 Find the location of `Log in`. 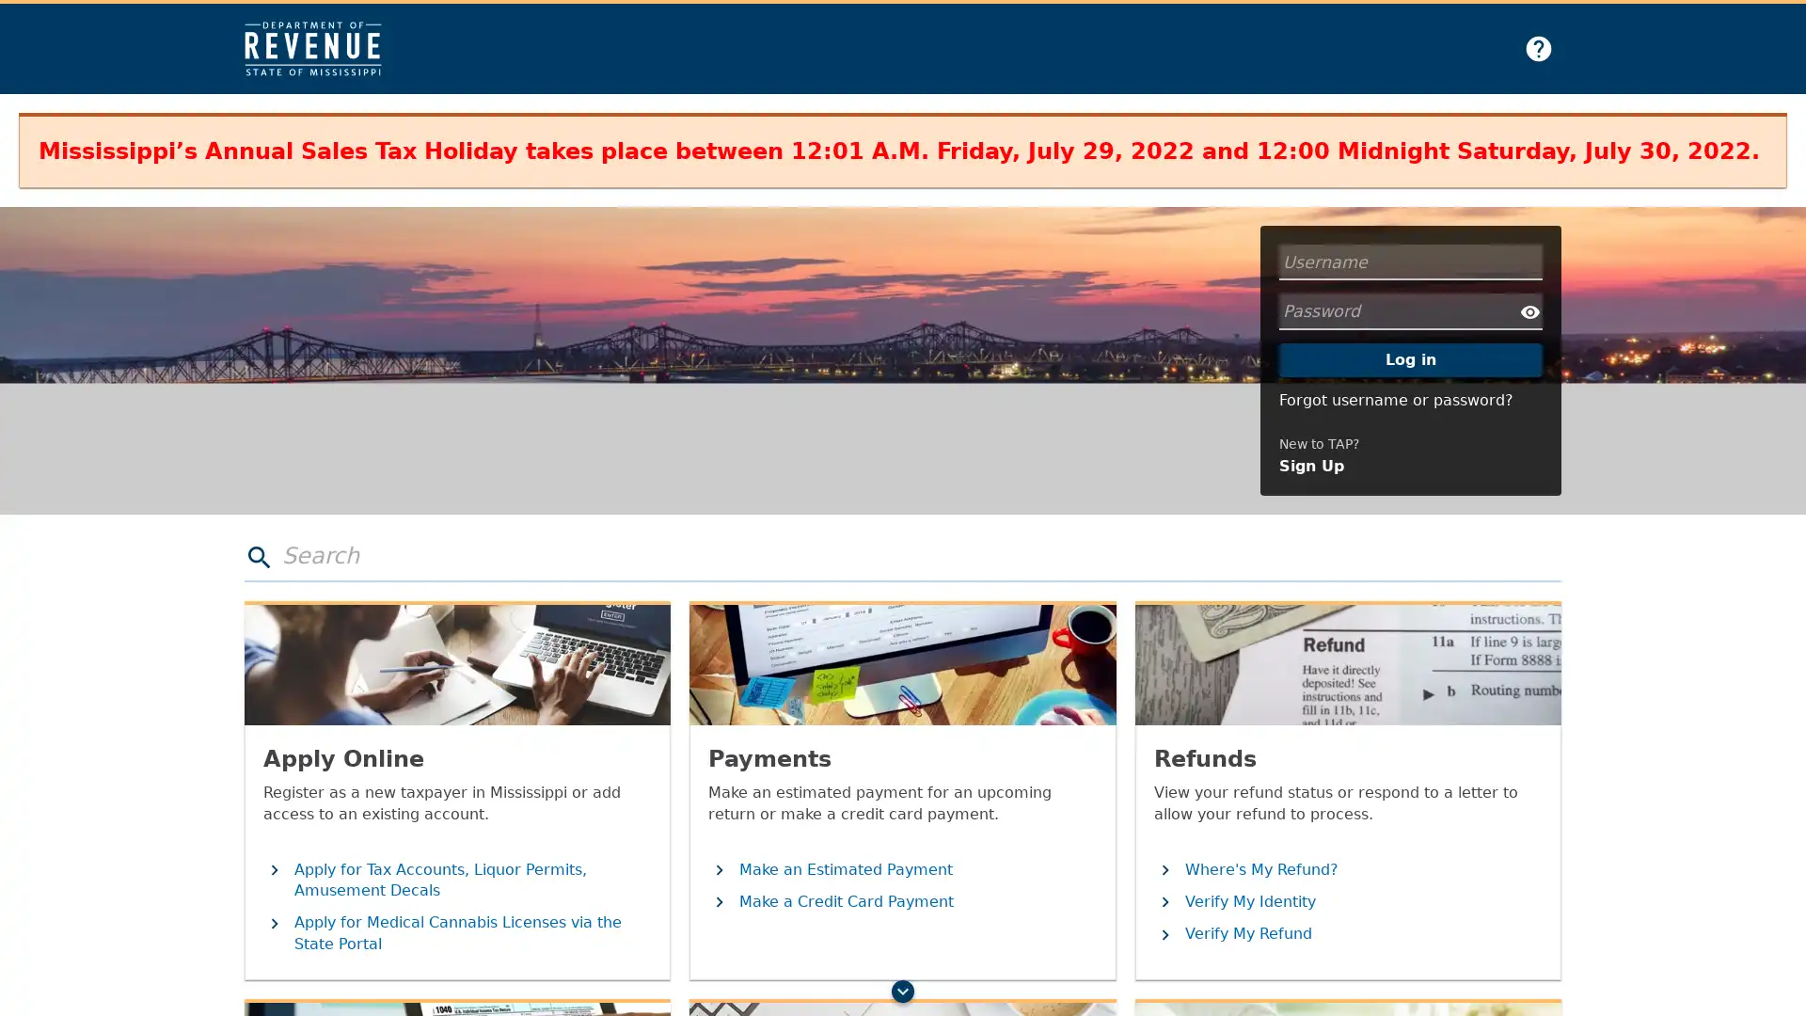

Log in is located at coordinates (1410, 359).